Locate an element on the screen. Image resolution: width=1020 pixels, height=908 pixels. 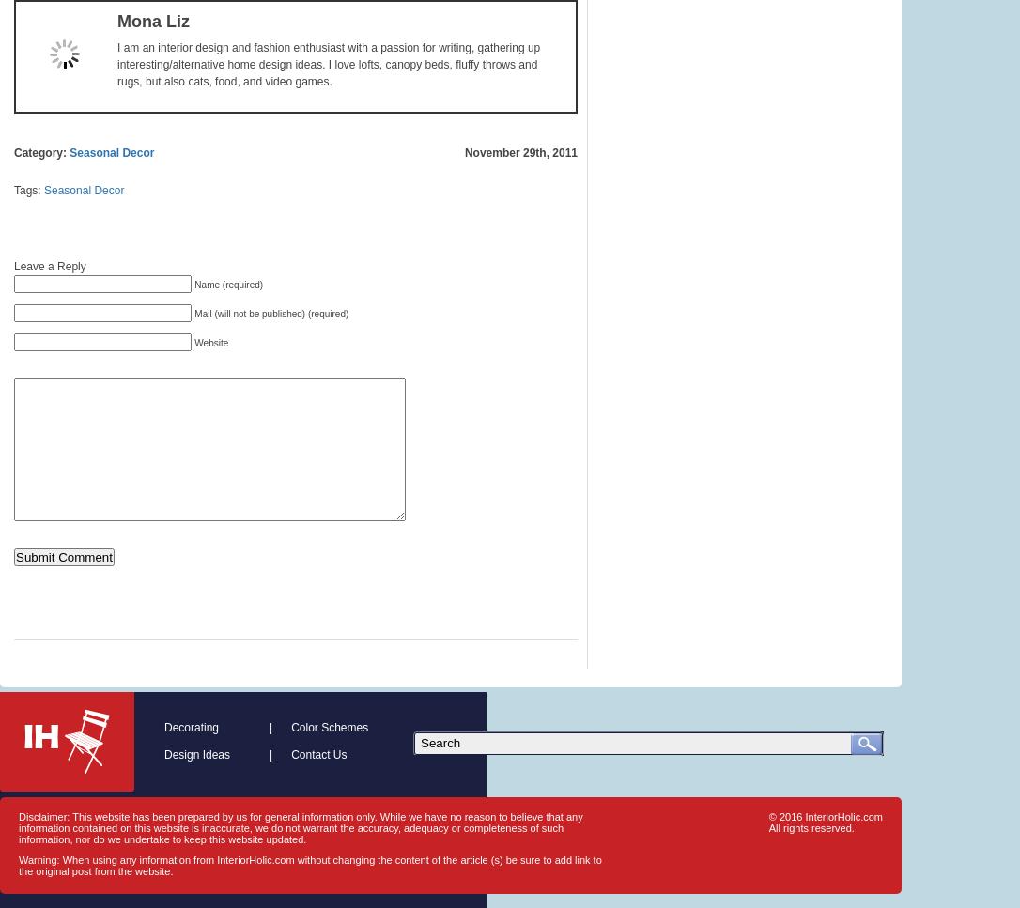
'Warning: When using any information from InteriorHolic.com without changing the content of the article (s) be sure to add link to the original post from the website.' is located at coordinates (18, 866).